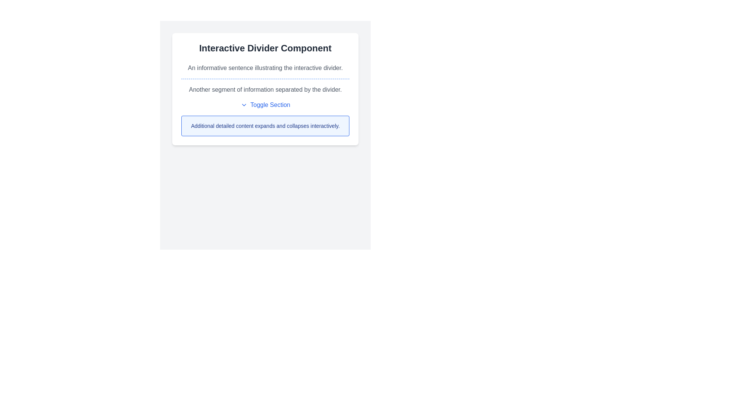  Describe the element at coordinates (265, 105) in the screenshot. I see `the toggle button located beneath the text block stating 'Another segment of information separated by the divider.'` at that location.